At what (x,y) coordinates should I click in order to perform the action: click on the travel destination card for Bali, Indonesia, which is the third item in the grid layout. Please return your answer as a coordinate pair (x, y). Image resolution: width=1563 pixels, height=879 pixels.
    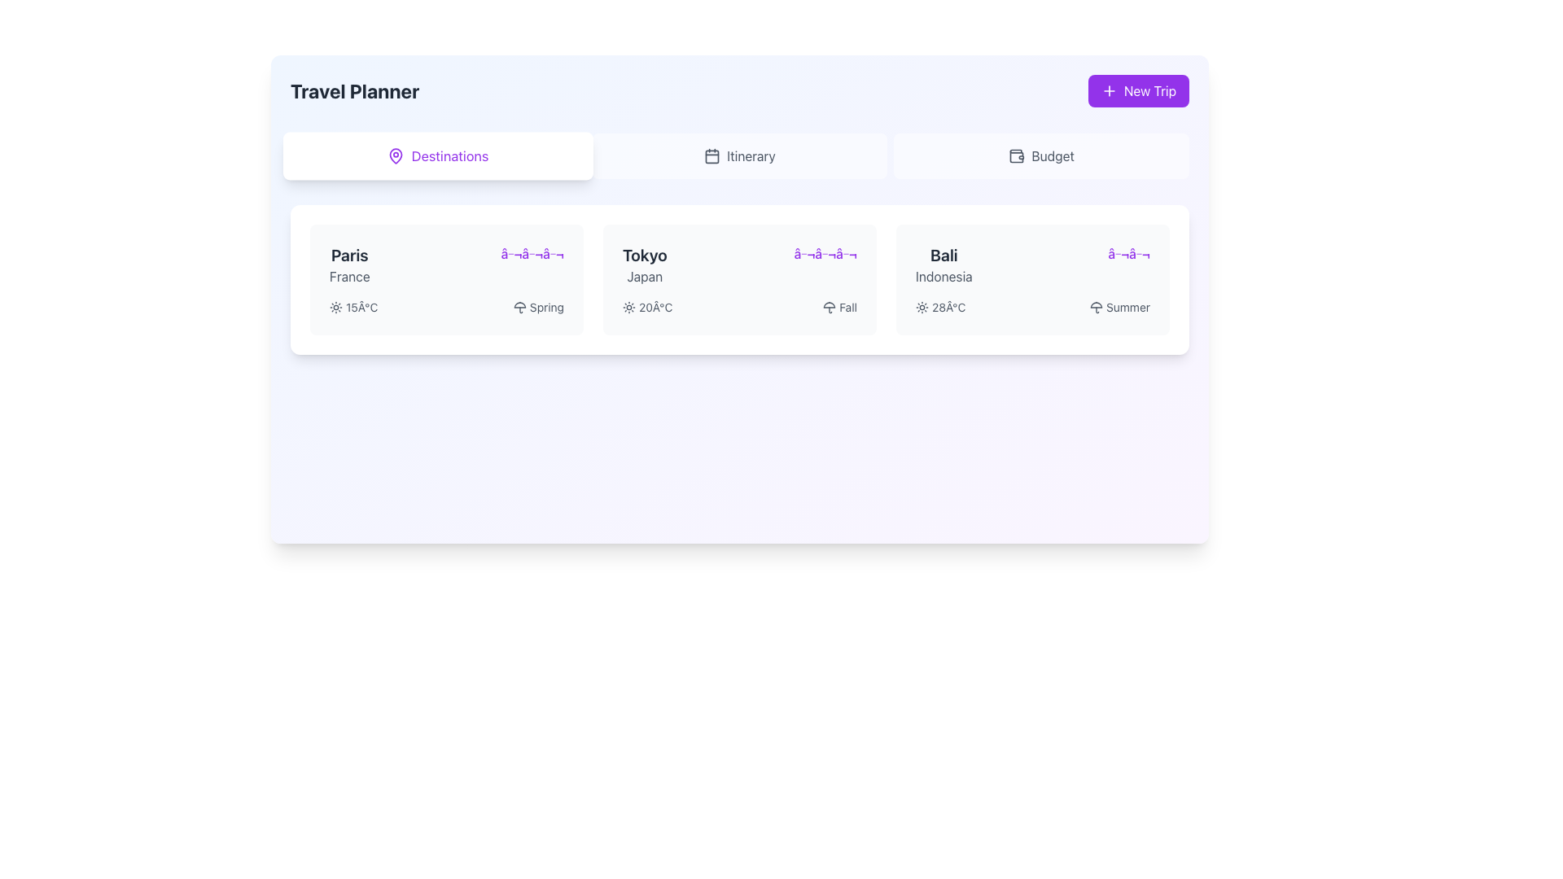
    Looking at the image, I should click on (1031, 278).